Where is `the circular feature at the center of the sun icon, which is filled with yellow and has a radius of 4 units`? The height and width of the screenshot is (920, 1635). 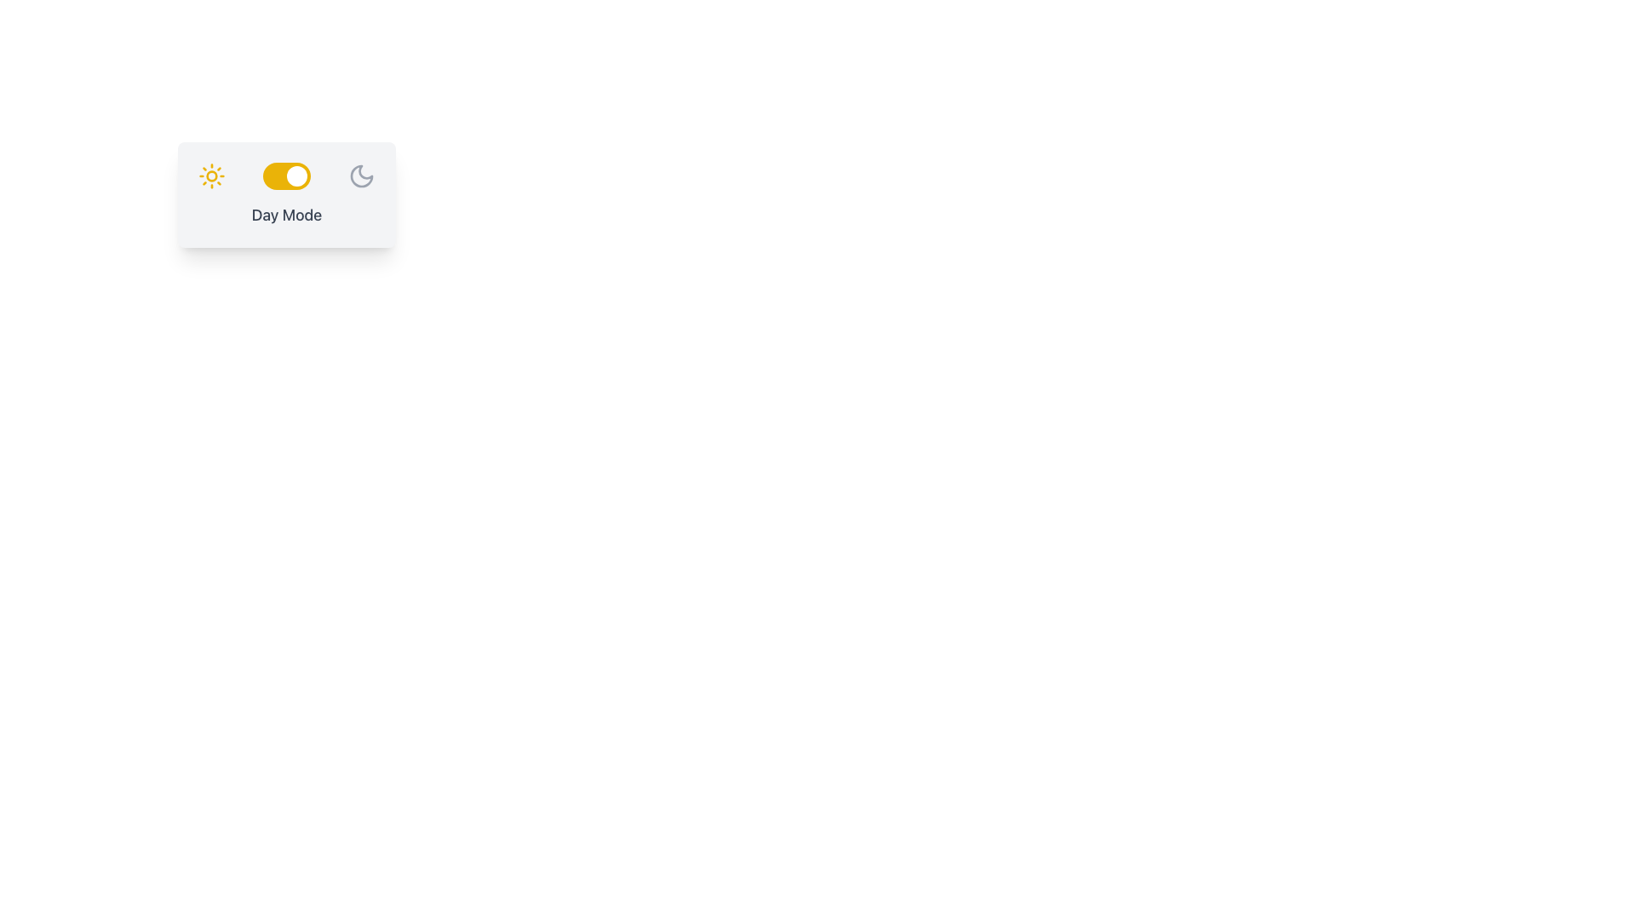
the circular feature at the center of the sun icon, which is filled with yellow and has a radius of 4 units is located at coordinates (211, 176).